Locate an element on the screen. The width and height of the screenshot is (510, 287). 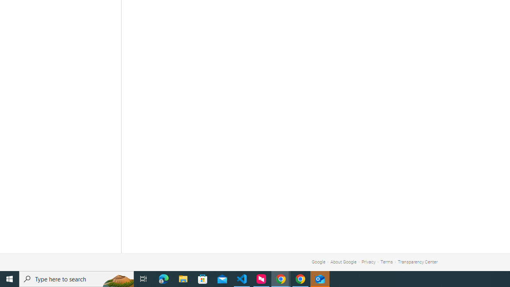
'Transparency Center' is located at coordinates (417, 262).